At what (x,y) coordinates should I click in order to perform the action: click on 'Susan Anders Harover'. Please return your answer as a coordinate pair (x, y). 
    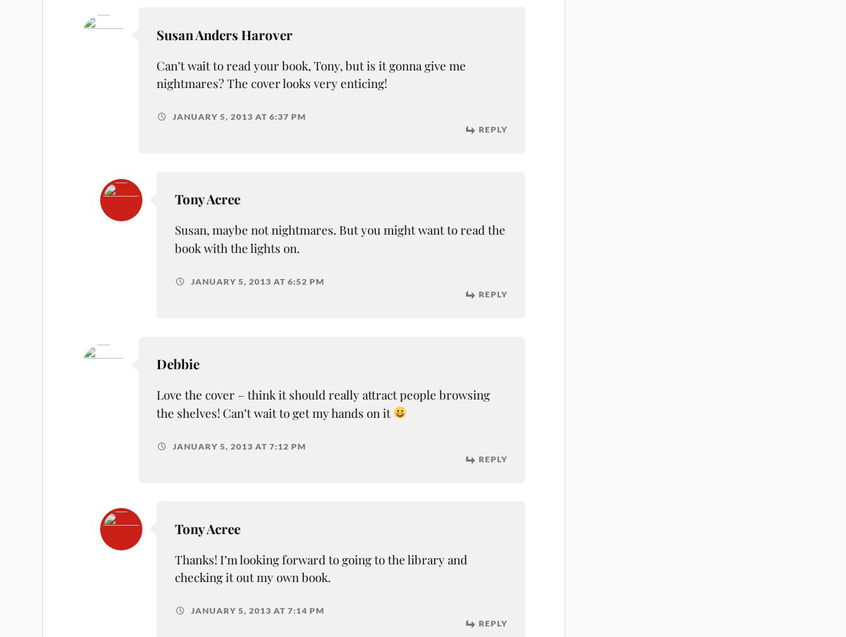
    Looking at the image, I should click on (224, 33).